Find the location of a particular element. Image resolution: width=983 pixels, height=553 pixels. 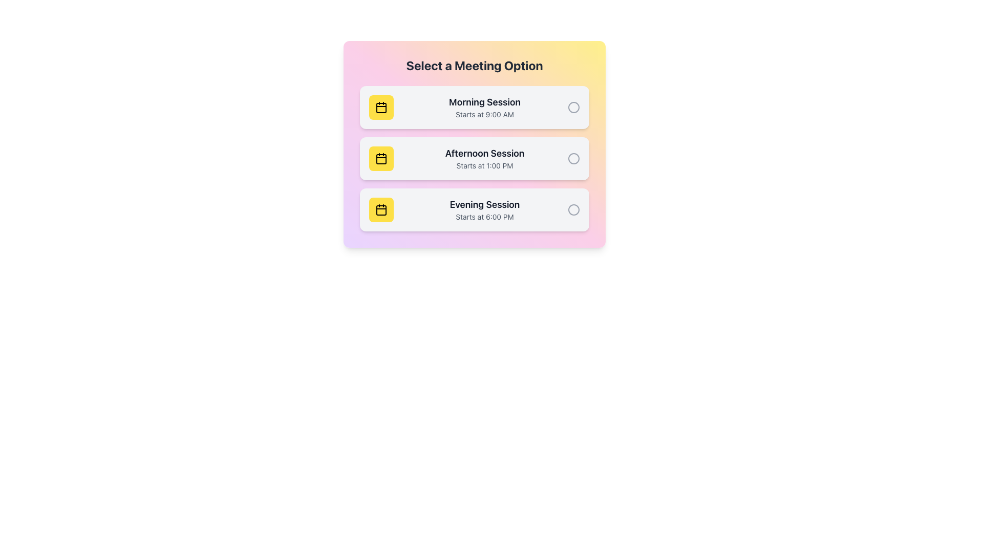

the inactive radio button circle for the 'Evening Session' option is located at coordinates (574, 209).